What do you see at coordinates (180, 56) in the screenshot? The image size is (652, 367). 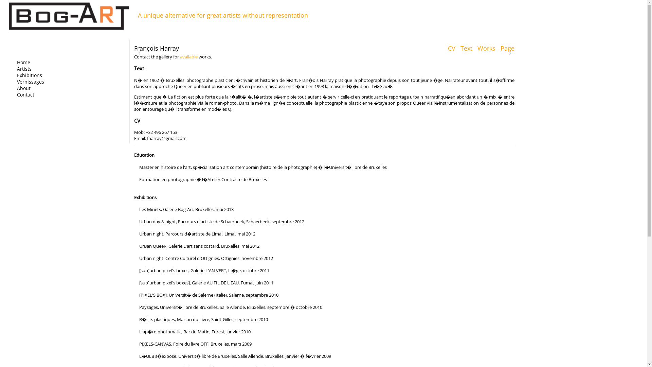 I see `'available'` at bounding box center [180, 56].